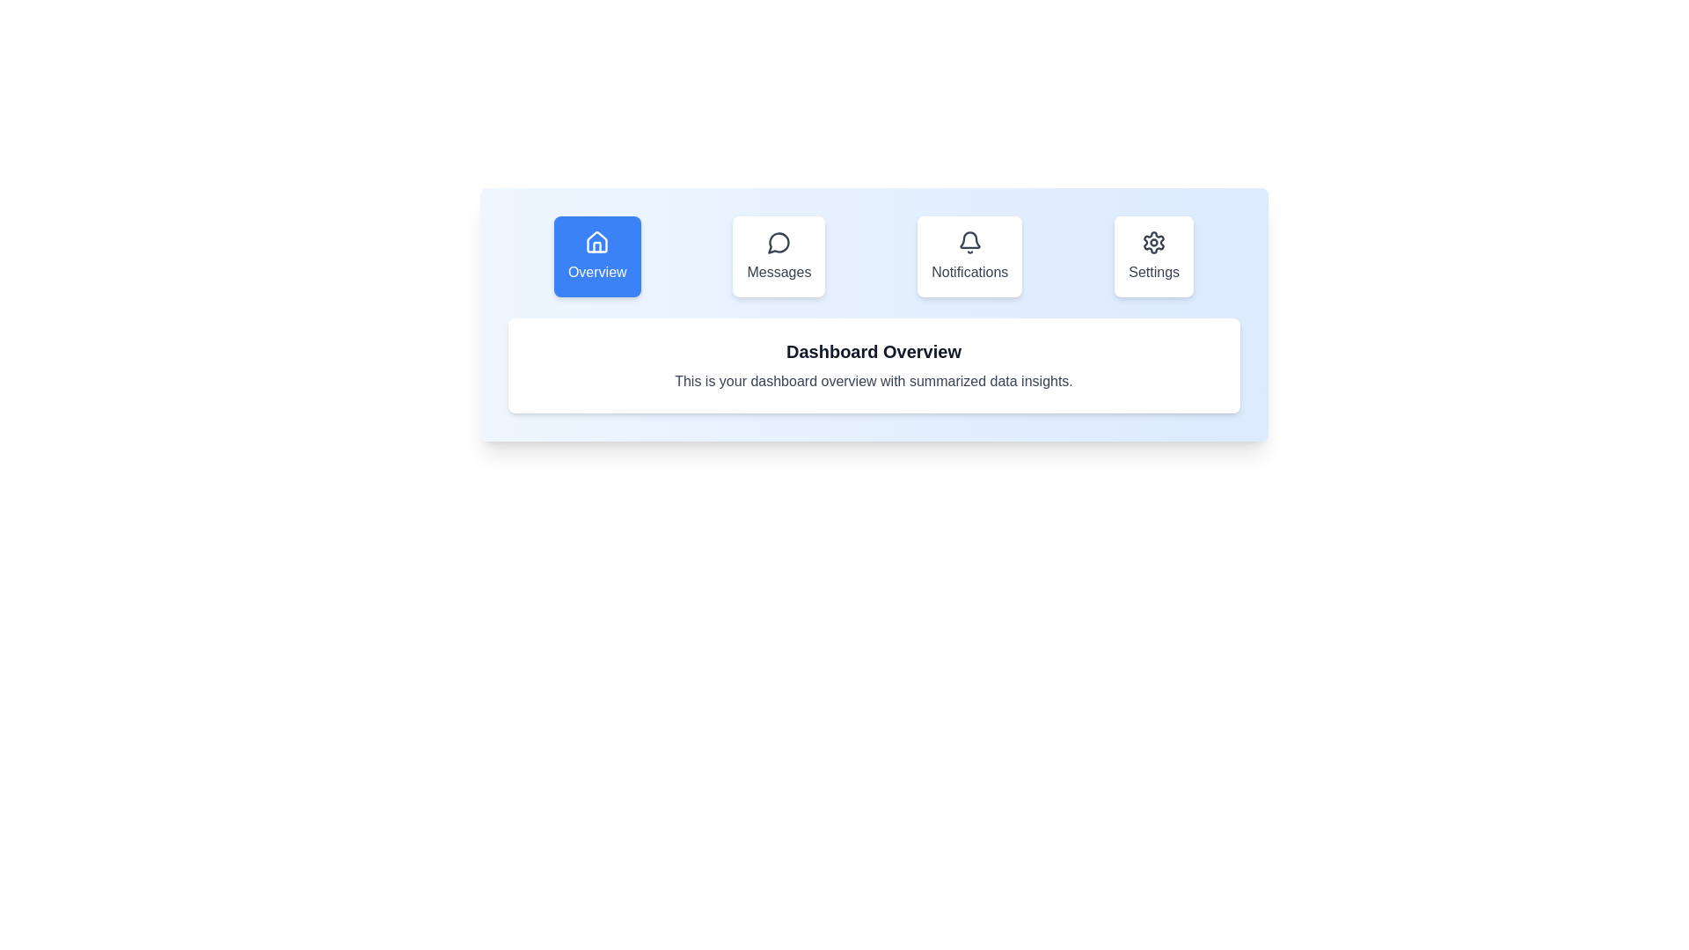  Describe the element at coordinates (969, 240) in the screenshot. I see `the vector graphic component of the notification bell icon, which is the third icon from the left in the header section of the interface` at that location.